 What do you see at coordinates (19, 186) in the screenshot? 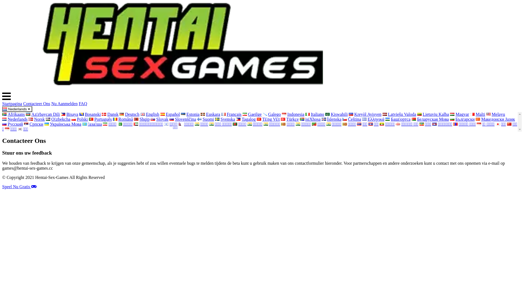
I see `'Speel Nu Gratis'` at bounding box center [19, 186].